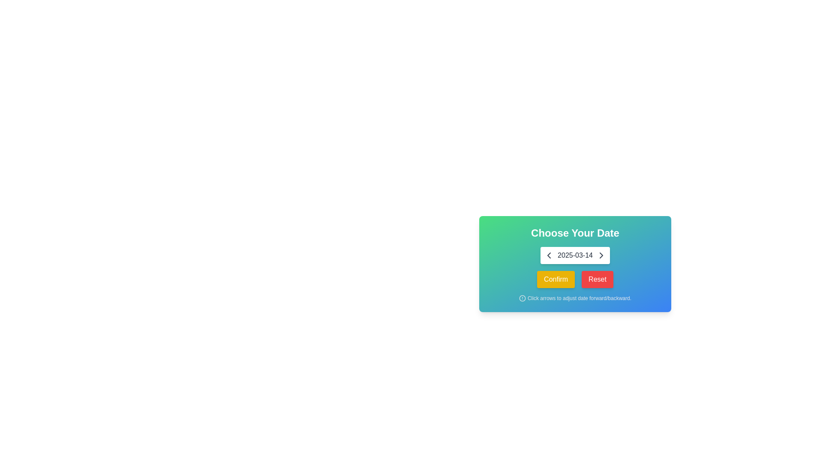  Describe the element at coordinates (601, 255) in the screenshot. I see `the SVG icon located to the right of the date input field, which serves as an increment button for the date selector` at that location.